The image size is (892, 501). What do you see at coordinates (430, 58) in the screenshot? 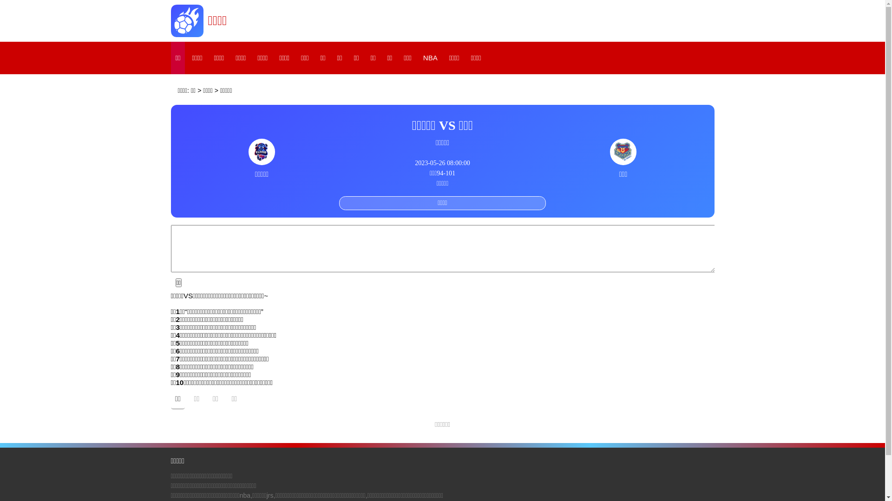
I see `'NBA'` at bounding box center [430, 58].